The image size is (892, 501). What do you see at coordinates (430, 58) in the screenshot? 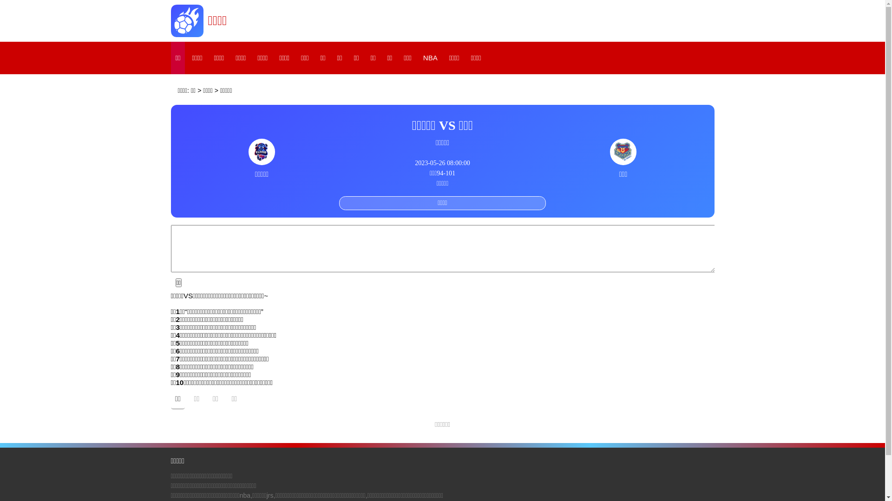
I see `'NBA'` at bounding box center [430, 58].